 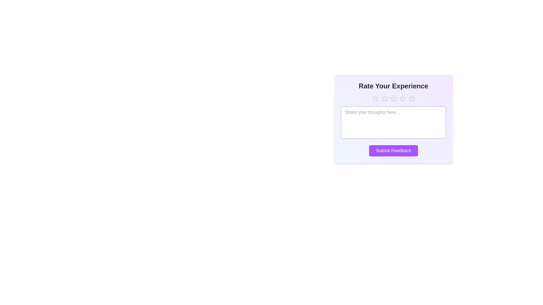 What do you see at coordinates (411, 98) in the screenshot?
I see `the star corresponding to the desired rating 5` at bounding box center [411, 98].